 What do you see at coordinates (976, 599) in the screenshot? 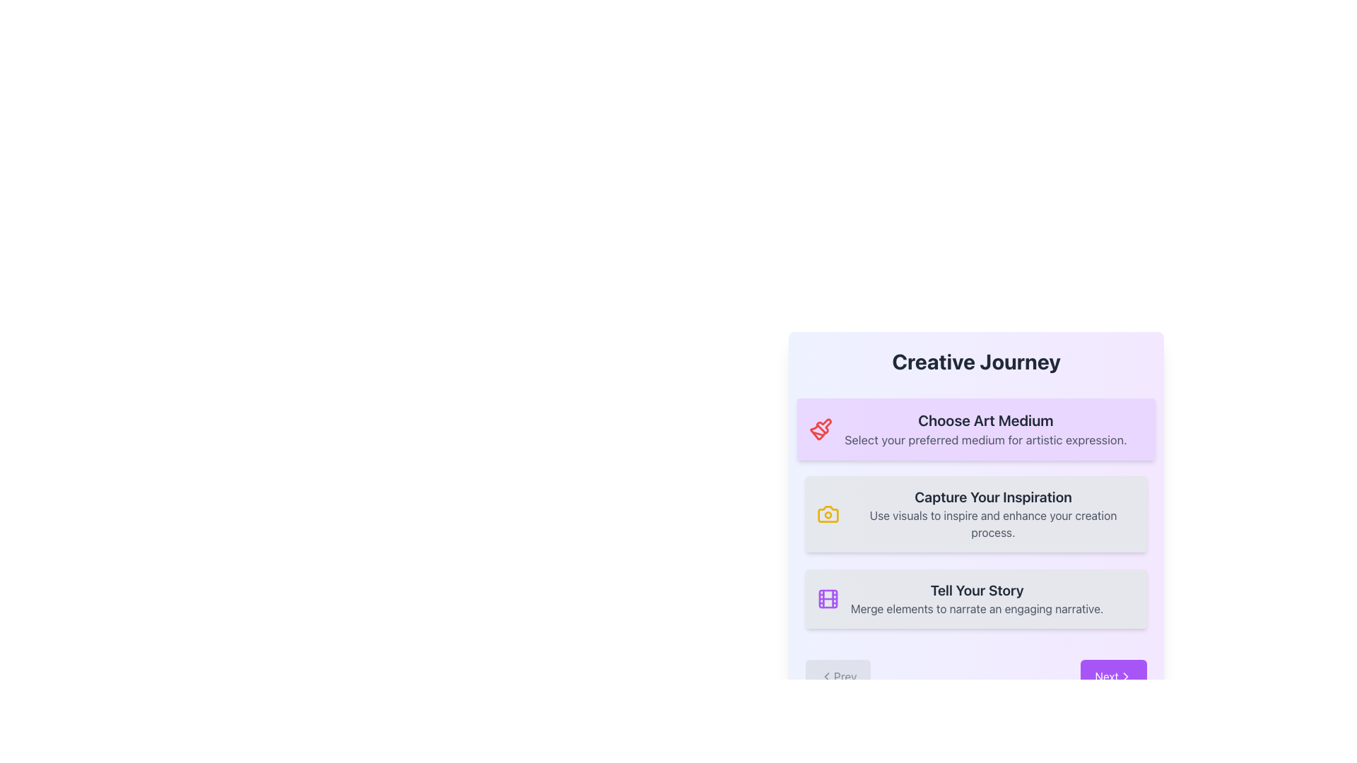
I see `the third Text block in the vertical sequence of interactive panels, which contains a title and subtitle, positioned below the 'Capture Your Inspiration' panel` at bounding box center [976, 599].